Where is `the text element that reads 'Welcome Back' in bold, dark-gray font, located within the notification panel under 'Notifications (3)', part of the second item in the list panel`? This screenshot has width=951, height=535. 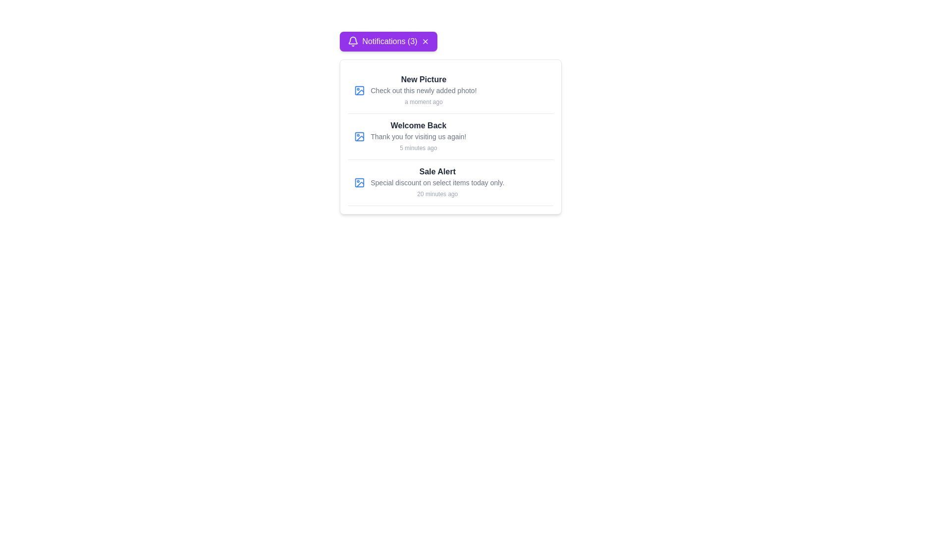 the text element that reads 'Welcome Back' in bold, dark-gray font, located within the notification panel under 'Notifications (3)', part of the second item in the list panel is located at coordinates (418, 125).